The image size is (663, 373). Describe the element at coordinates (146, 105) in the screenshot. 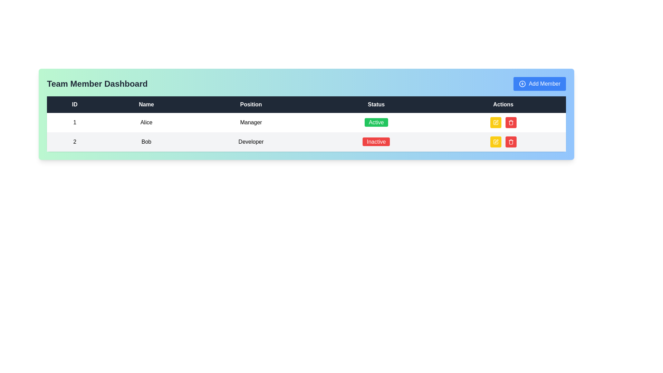

I see `the 'Name' header in the table, which is displayed in white font against a dark background, located between the 'ID' and 'Position' headers` at that location.